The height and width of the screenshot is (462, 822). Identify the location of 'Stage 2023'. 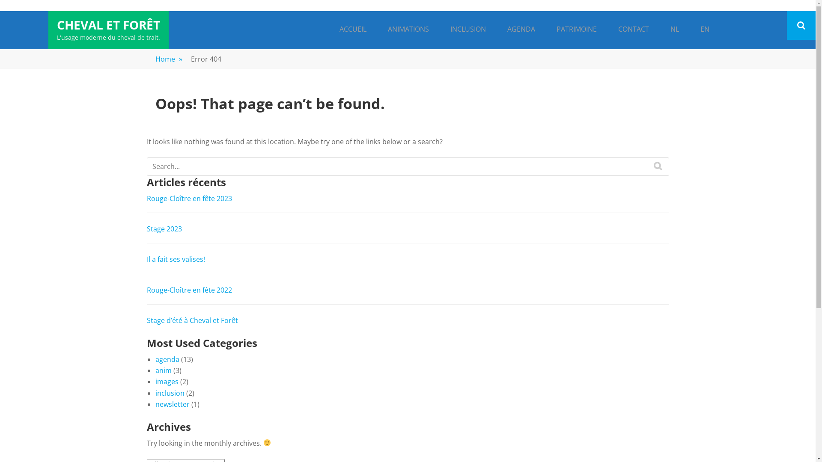
(146, 228).